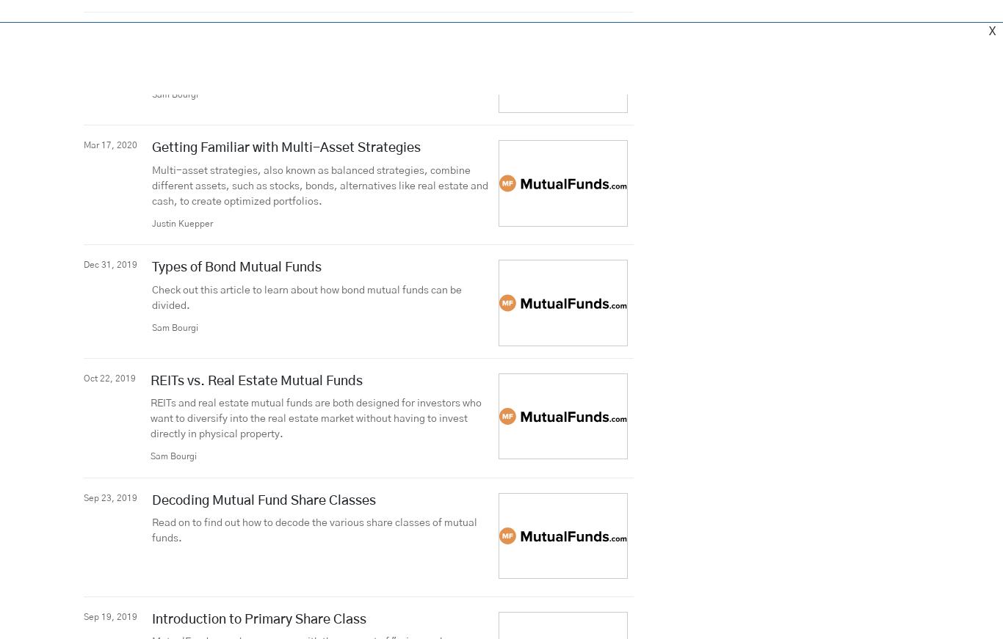  Describe the element at coordinates (109, 496) in the screenshot. I see `'Sep 23, 2019'` at that location.